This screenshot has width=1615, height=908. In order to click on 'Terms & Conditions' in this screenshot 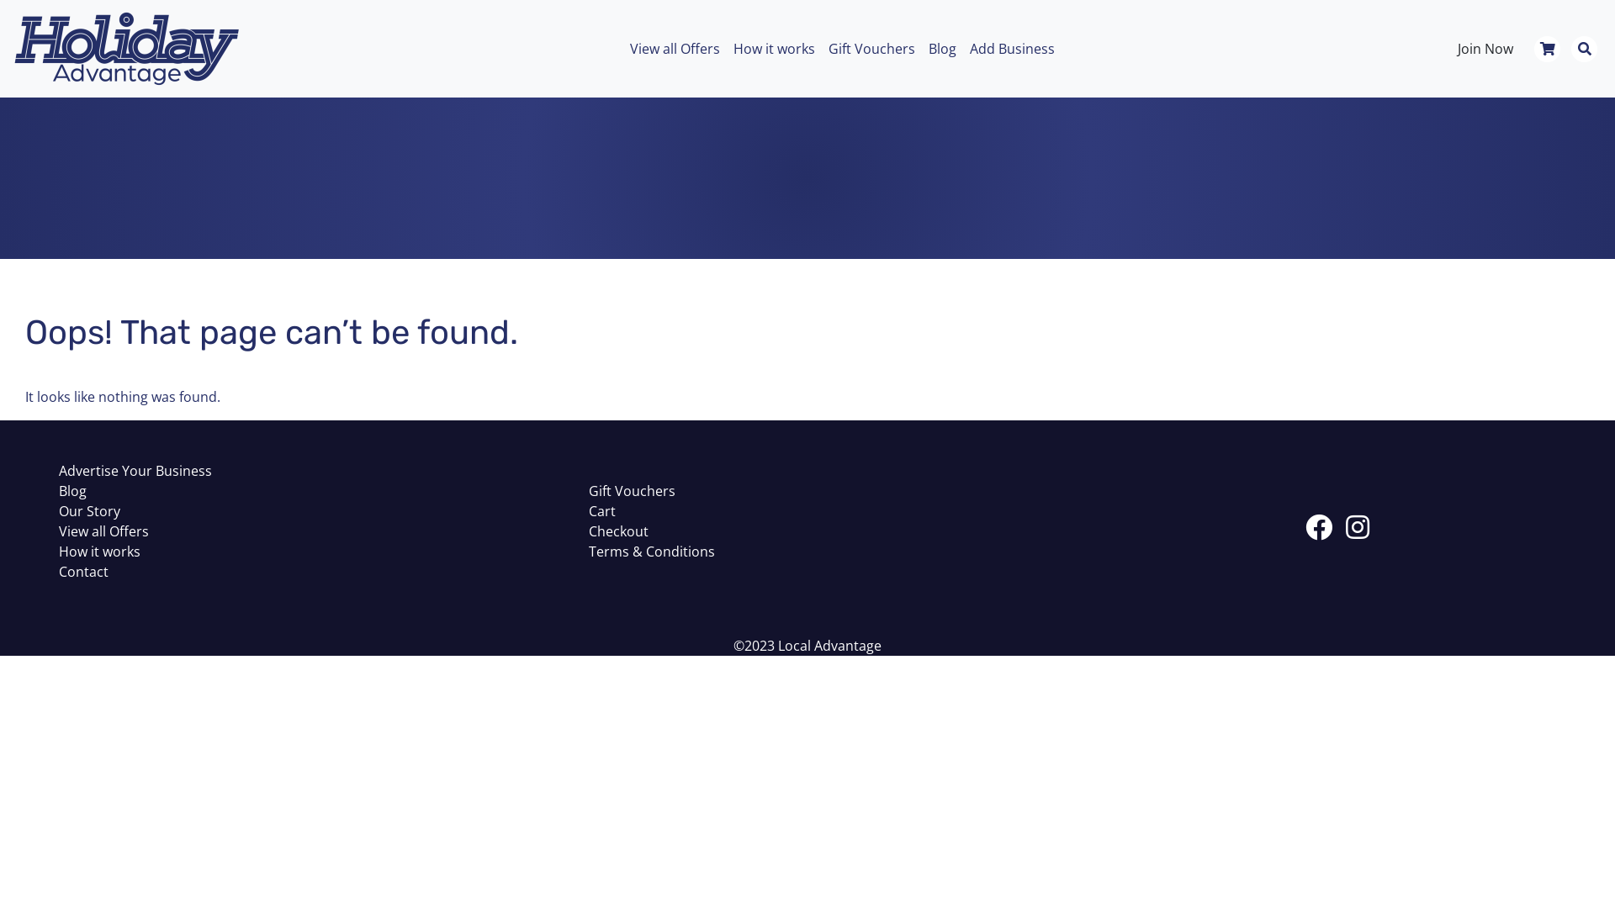, I will do `click(650, 551)`.